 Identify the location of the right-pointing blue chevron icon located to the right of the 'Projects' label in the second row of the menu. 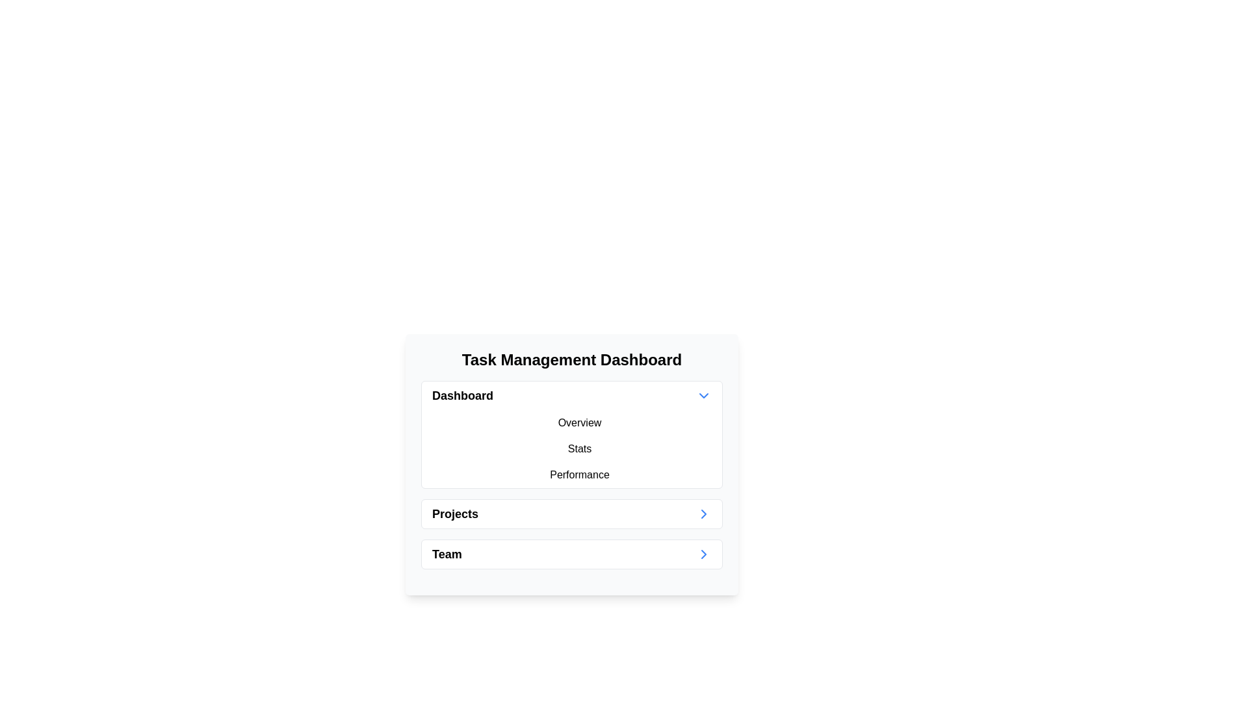
(703, 513).